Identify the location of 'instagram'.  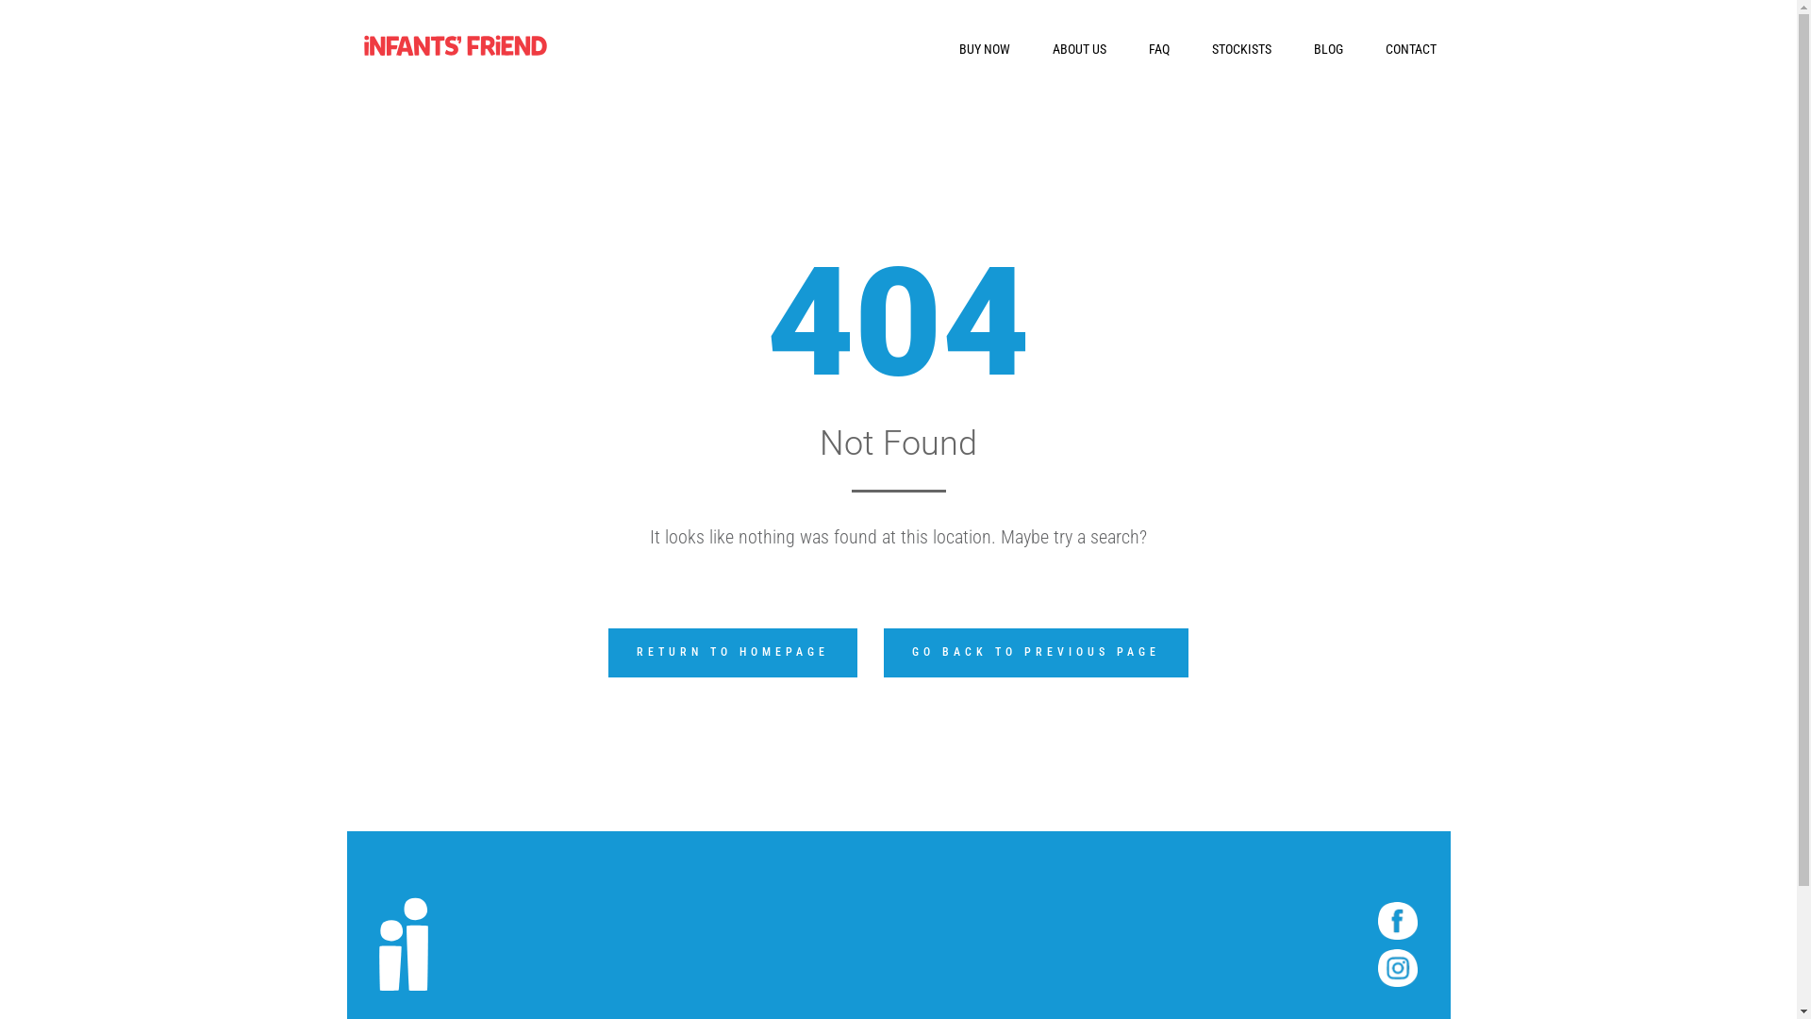
(1397, 968).